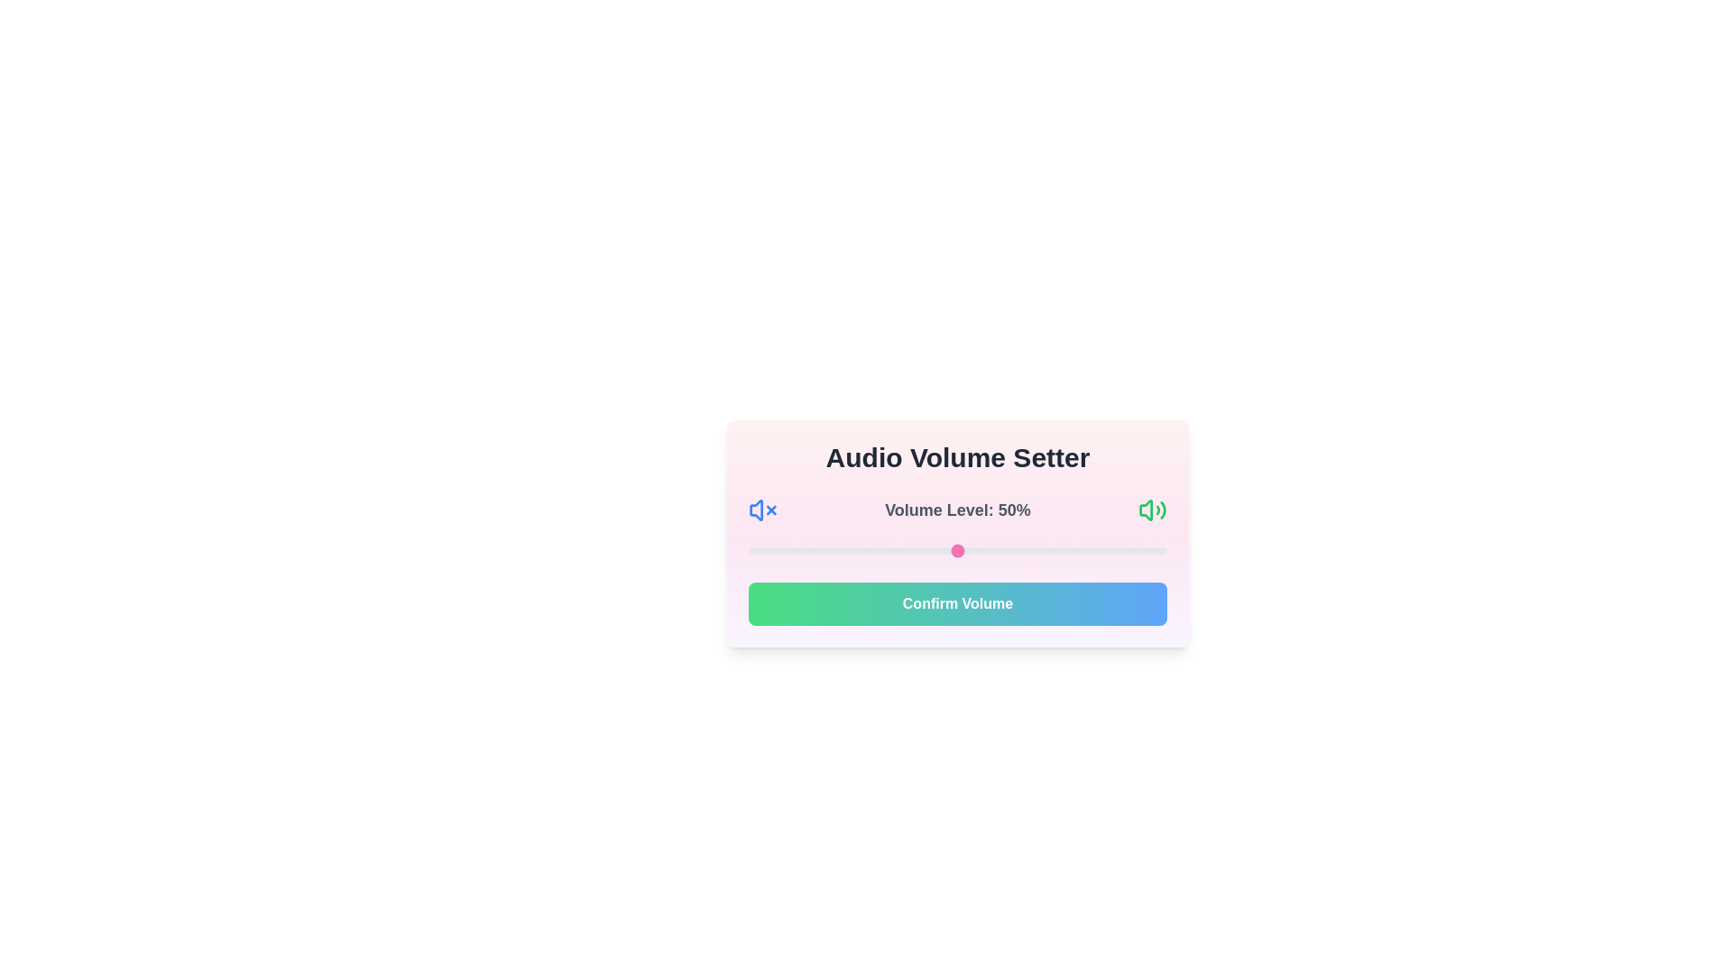  Describe the element at coordinates (762, 510) in the screenshot. I see `the mute icon, represented by a blue speaker with an 'X' mark` at that location.